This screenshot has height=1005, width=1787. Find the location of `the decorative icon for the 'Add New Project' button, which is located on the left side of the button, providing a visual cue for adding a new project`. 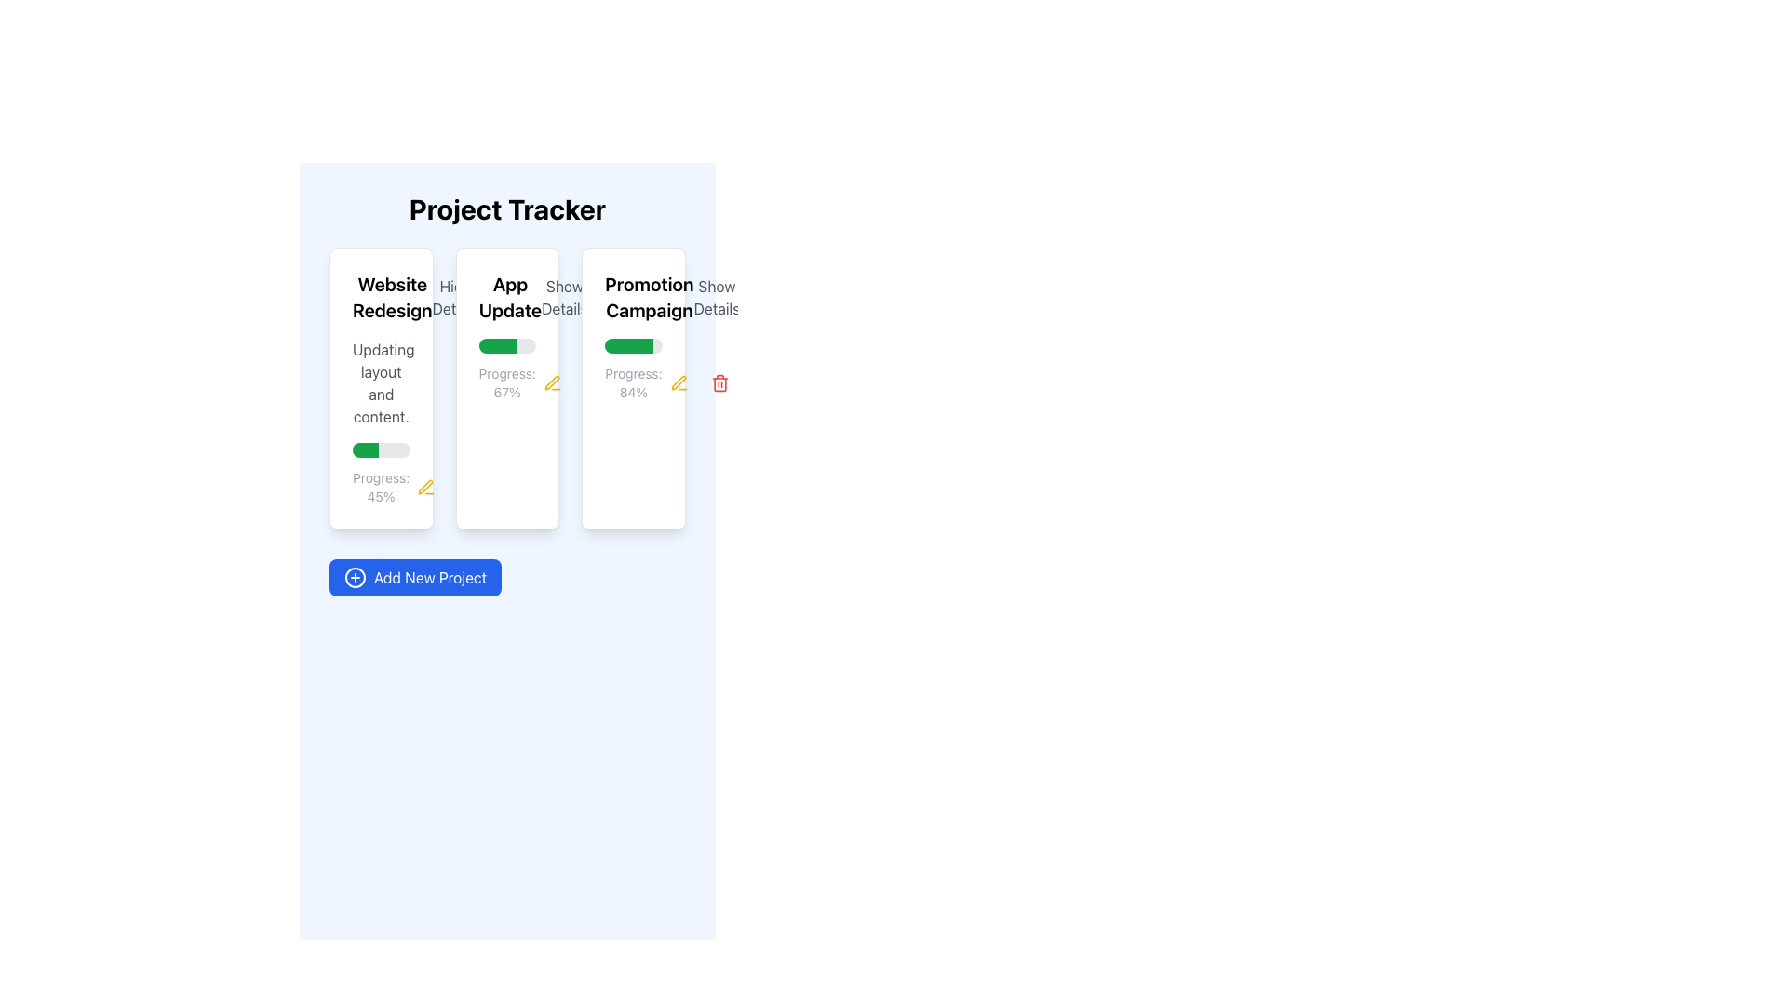

the decorative icon for the 'Add New Project' button, which is located on the left side of the button, providing a visual cue for adding a new project is located at coordinates (356, 577).